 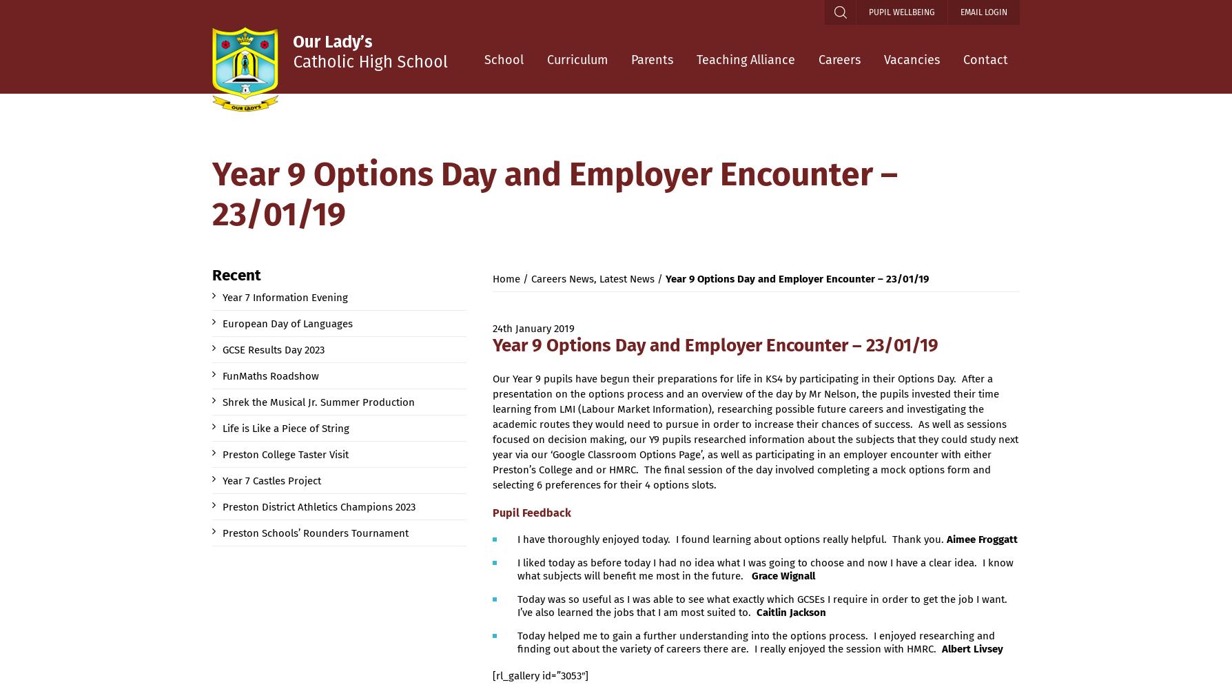 What do you see at coordinates (533, 328) in the screenshot?
I see `'24th January 2019'` at bounding box center [533, 328].